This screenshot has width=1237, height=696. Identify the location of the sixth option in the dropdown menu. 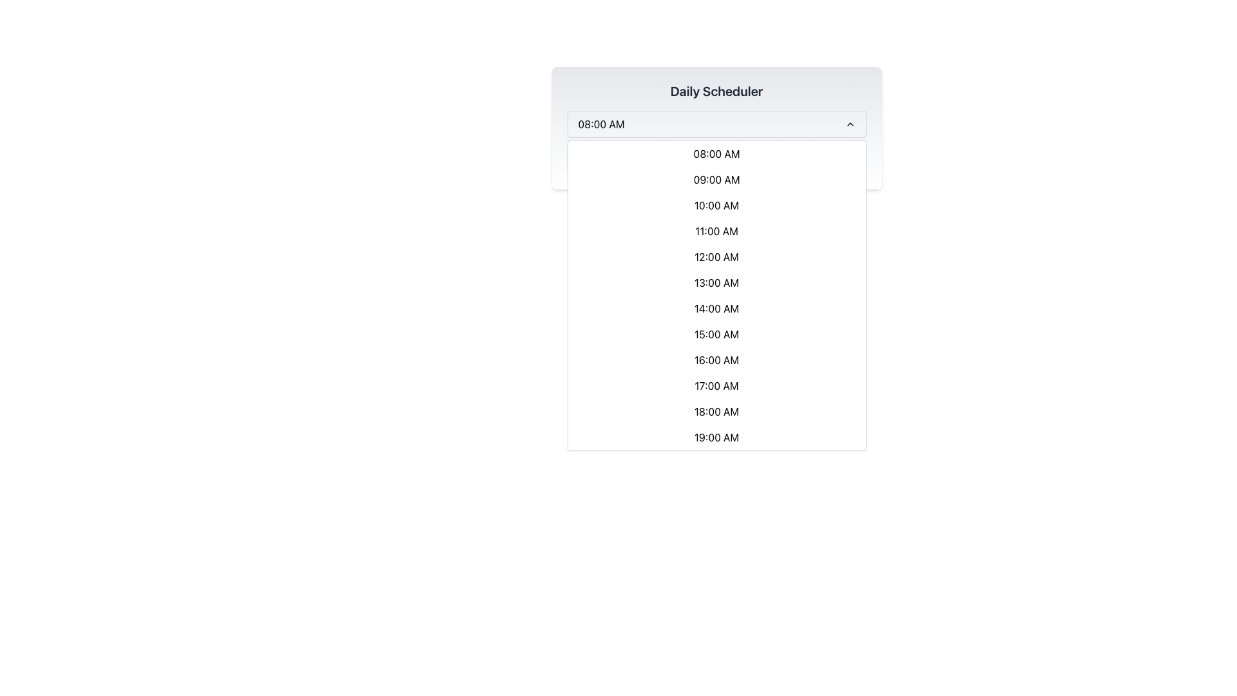
(716, 282).